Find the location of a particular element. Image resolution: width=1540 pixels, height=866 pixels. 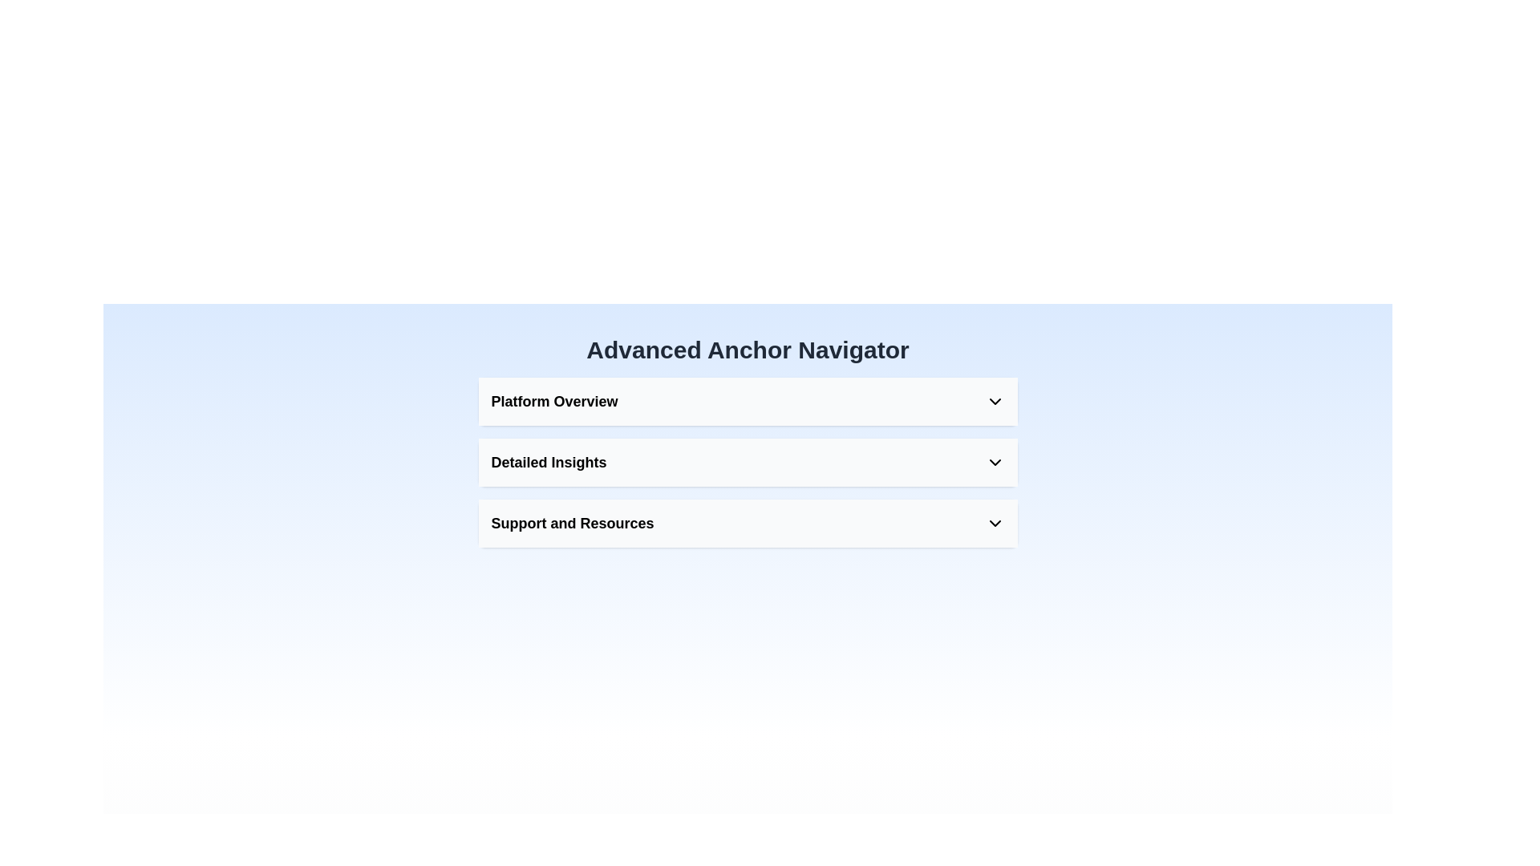

the downward-pointing chevron icon at the right end of the 'Support and Resources' heading is located at coordinates (994, 523).